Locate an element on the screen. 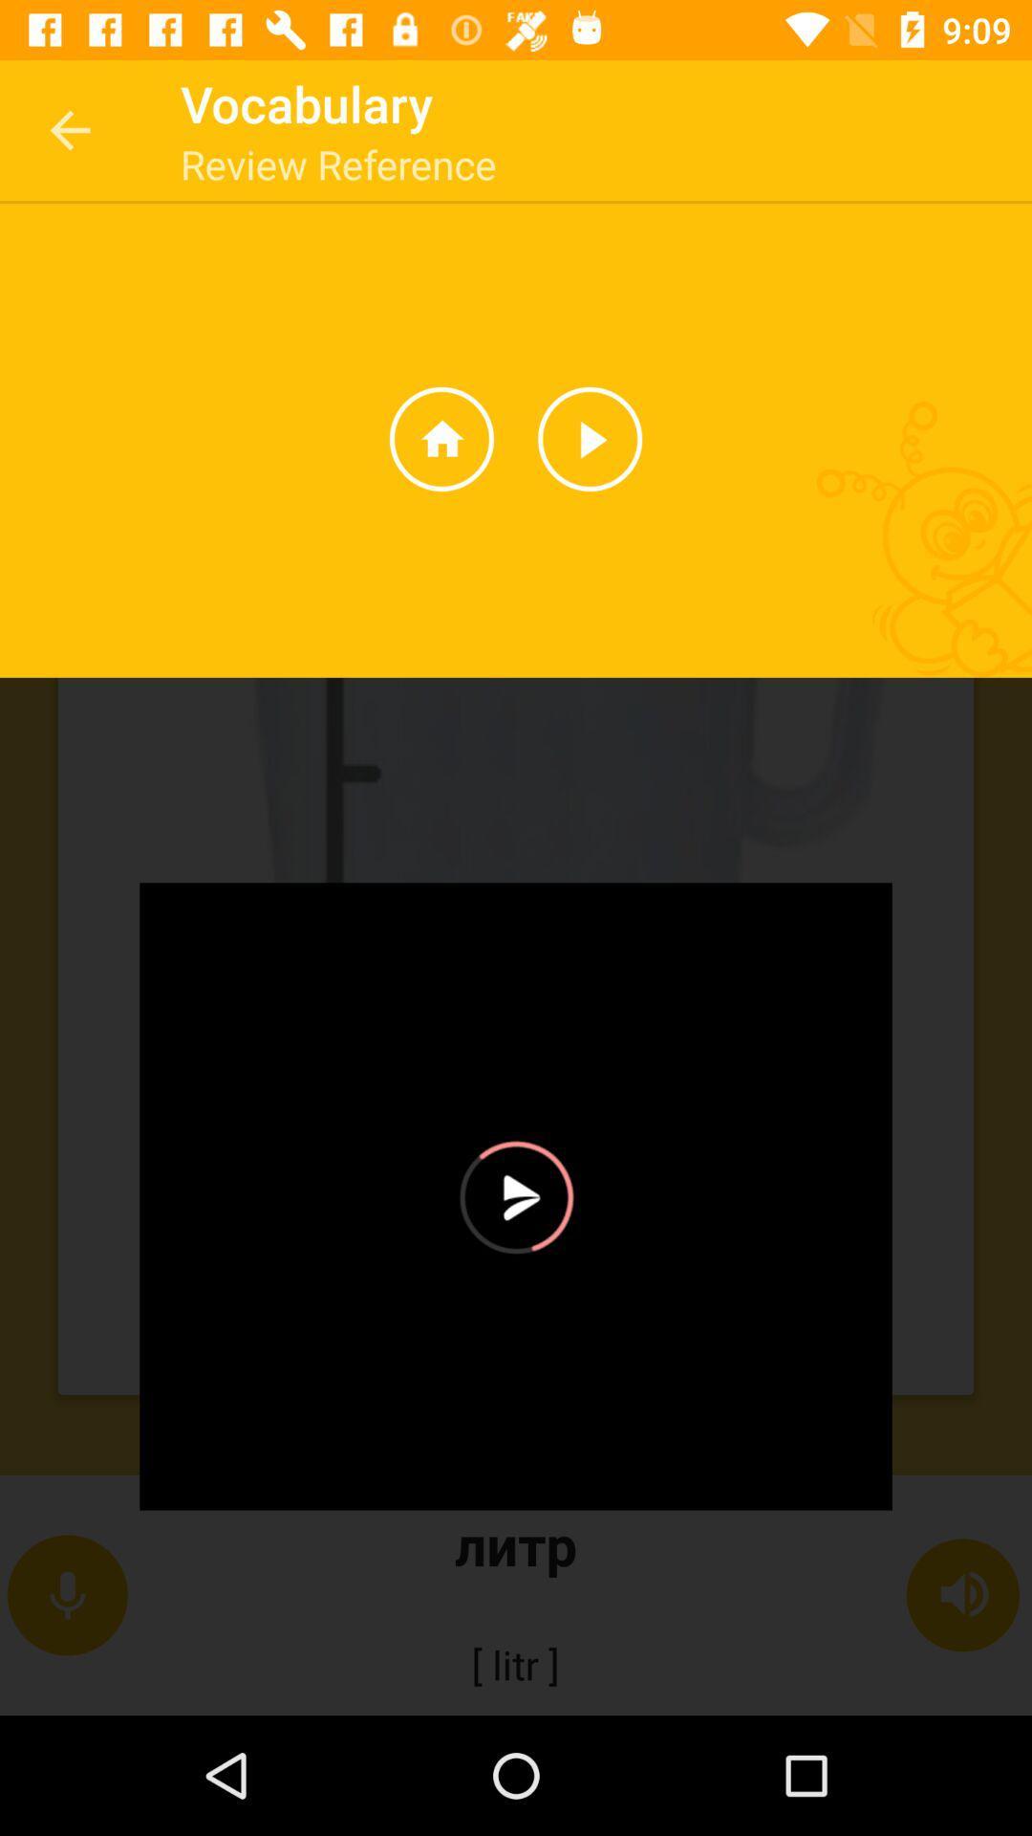 This screenshot has height=1836, width=1032. the volume icon is located at coordinates (964, 1595).